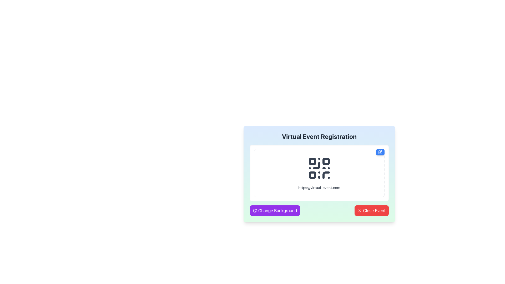 This screenshot has width=505, height=284. I want to click on the small pen icon located at the top-right corner of the 'Virtual Event Registration' button to initiate editing, so click(380, 152).